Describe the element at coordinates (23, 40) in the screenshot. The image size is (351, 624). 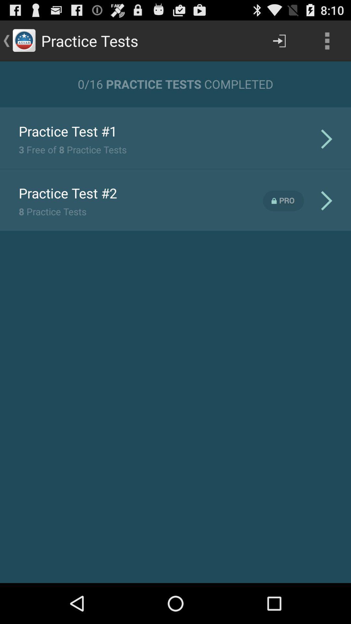
I see `tap the icon just left to practice tests` at that location.